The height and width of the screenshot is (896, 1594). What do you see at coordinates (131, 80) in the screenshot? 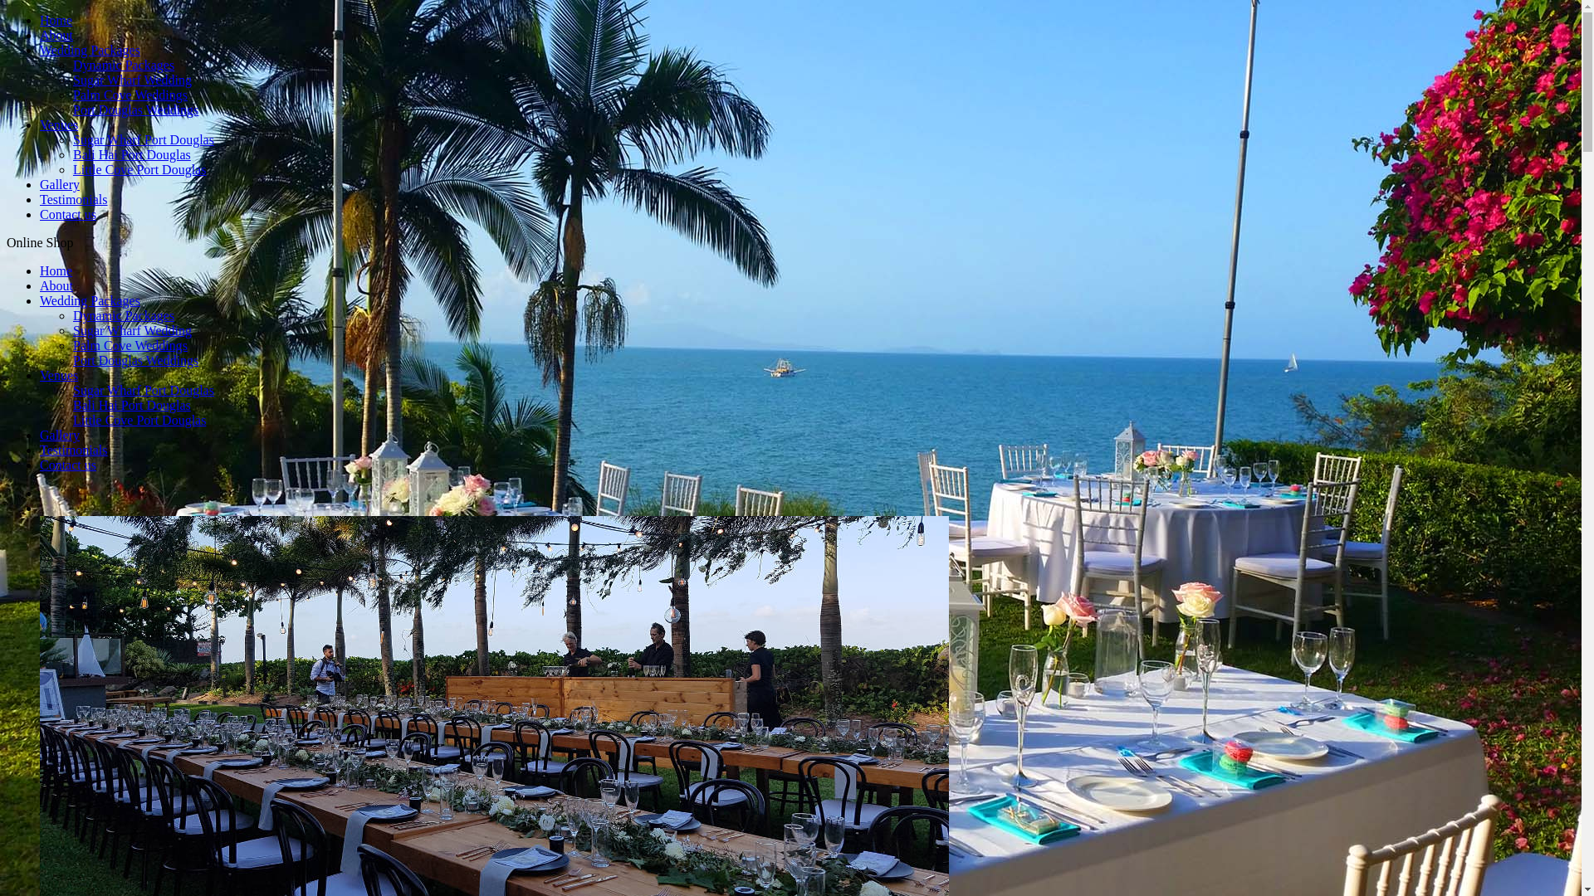
I see `'Sugar Wharf Wedding'` at bounding box center [131, 80].